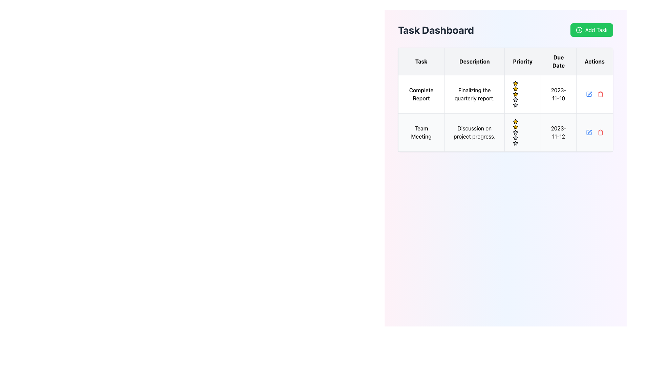  What do you see at coordinates (474, 61) in the screenshot?
I see `the Table Header Cell which is the second cell from the left in the header row of the table, located between the 'Task' and 'Priority' cells` at bounding box center [474, 61].